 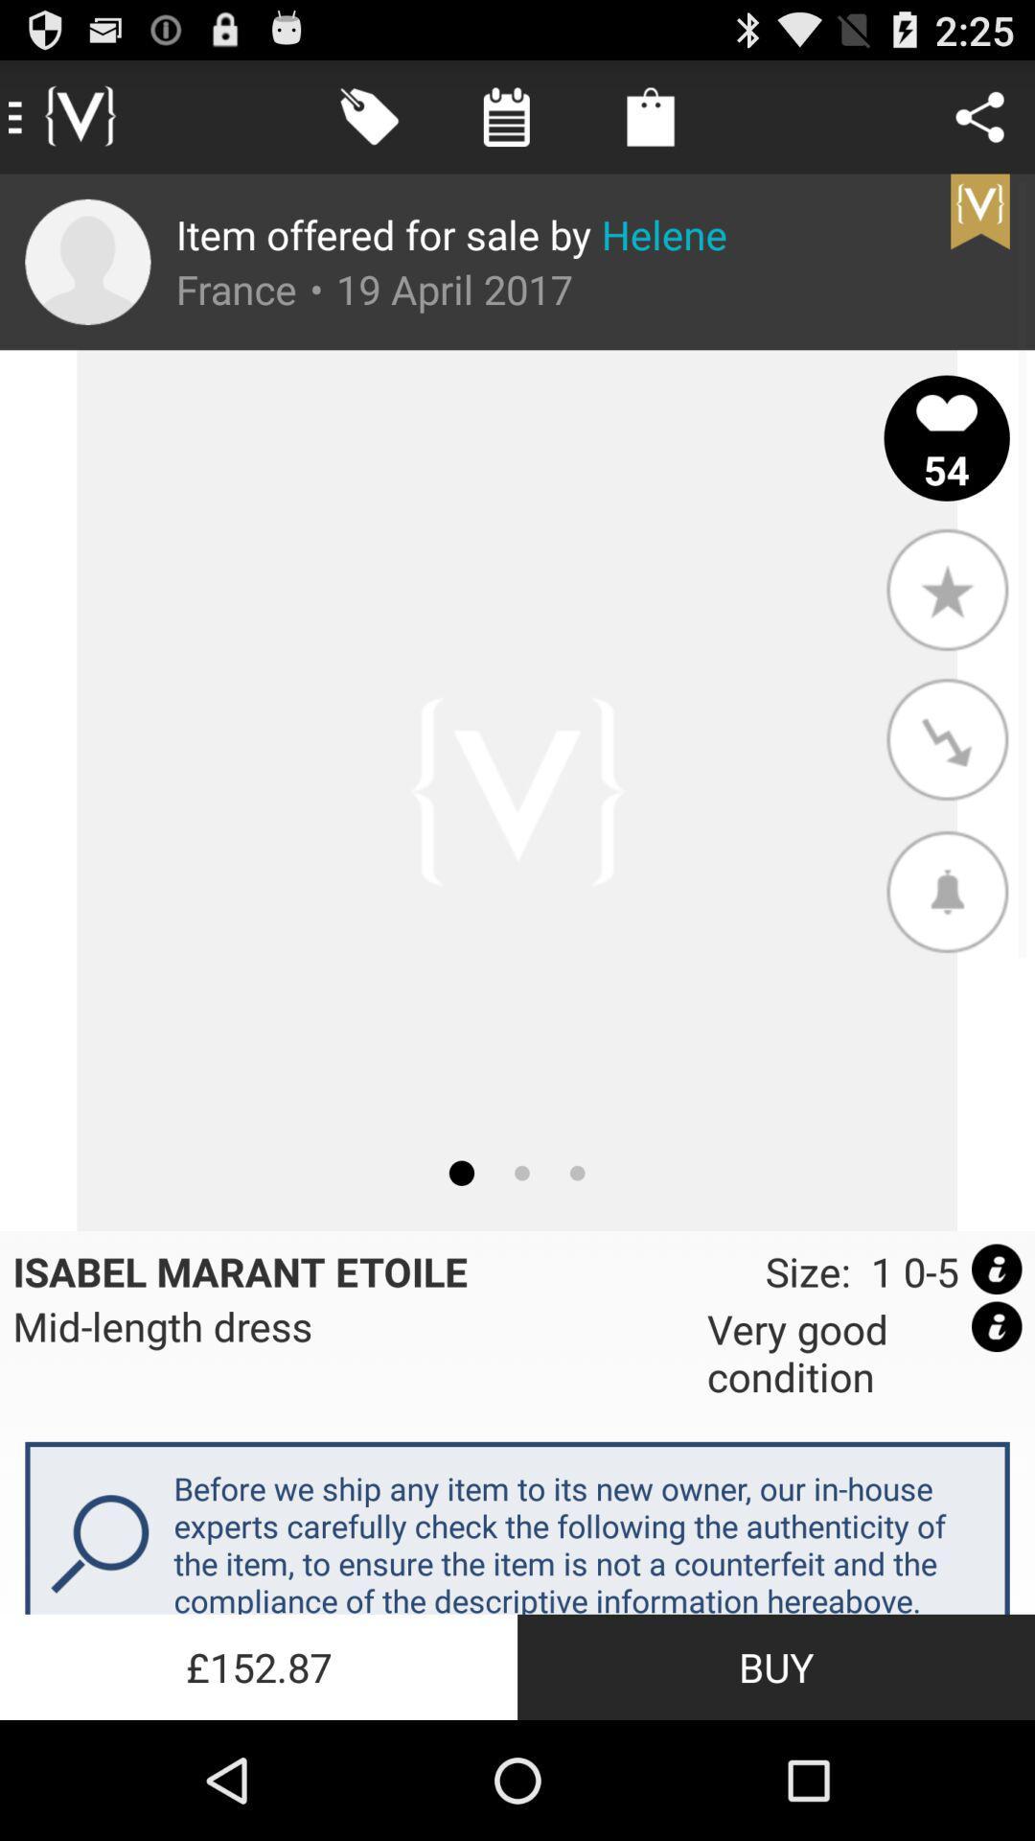 What do you see at coordinates (87, 261) in the screenshot?
I see `the app to the left of the item offered for app` at bounding box center [87, 261].